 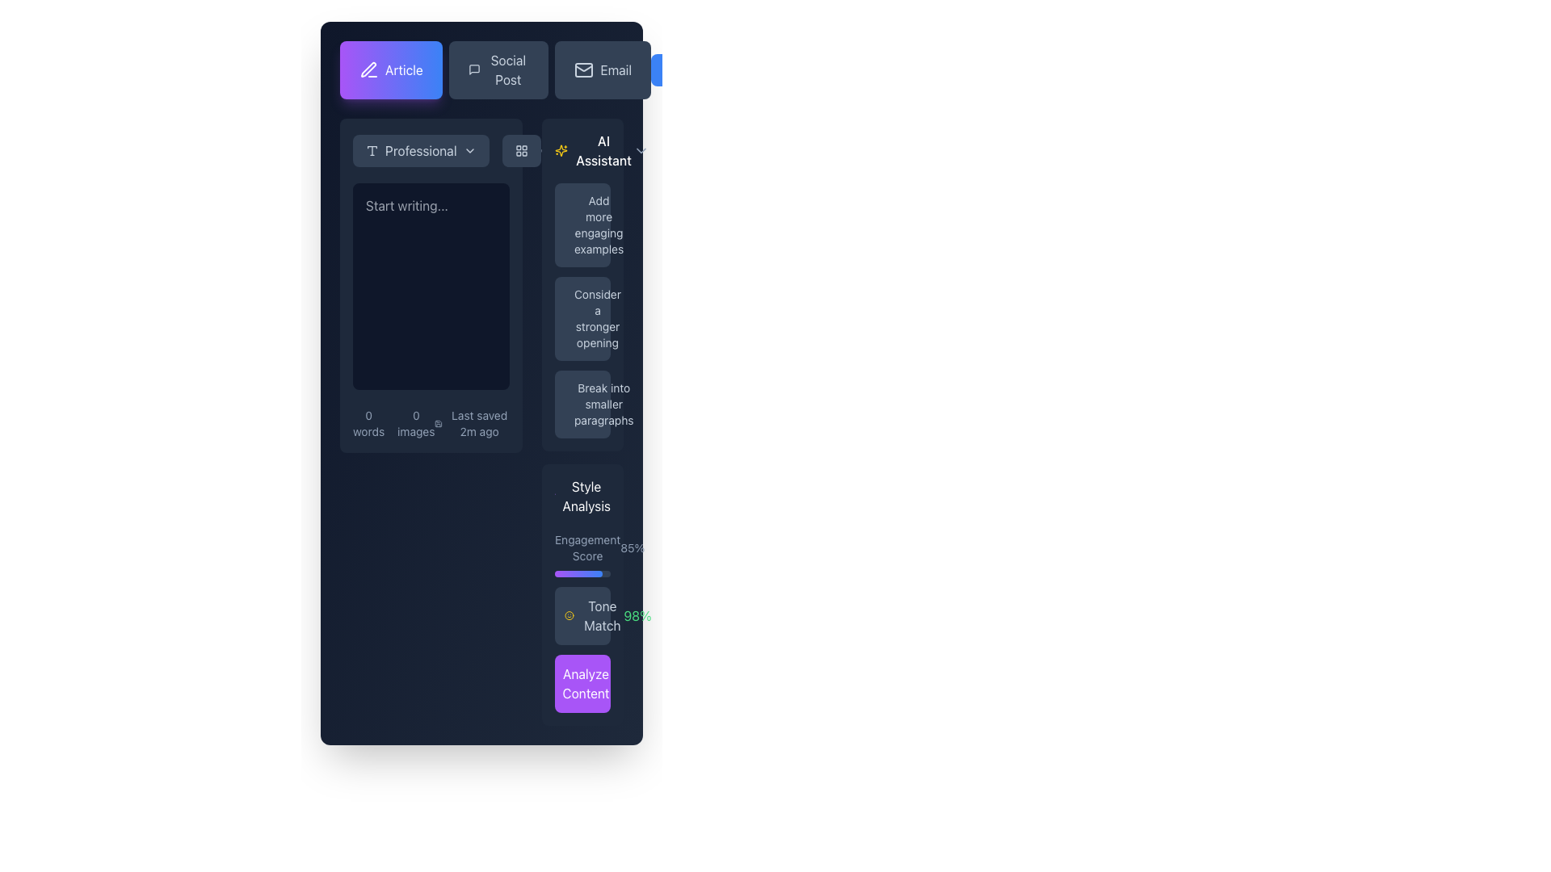 What do you see at coordinates (601, 616) in the screenshot?
I see `the Text label indicating tone matching in the 'Style Analysis' section, located to the right of the yellow smile icon and above the 'Analyze Content' button` at bounding box center [601, 616].